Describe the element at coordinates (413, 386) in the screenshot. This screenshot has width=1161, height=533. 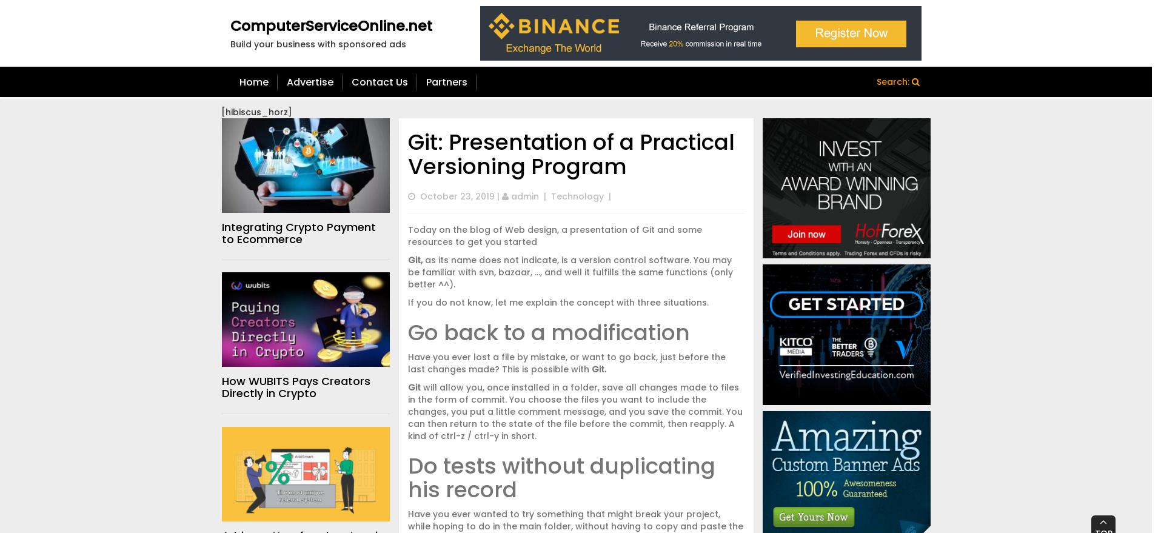
I see `'Git'` at that location.